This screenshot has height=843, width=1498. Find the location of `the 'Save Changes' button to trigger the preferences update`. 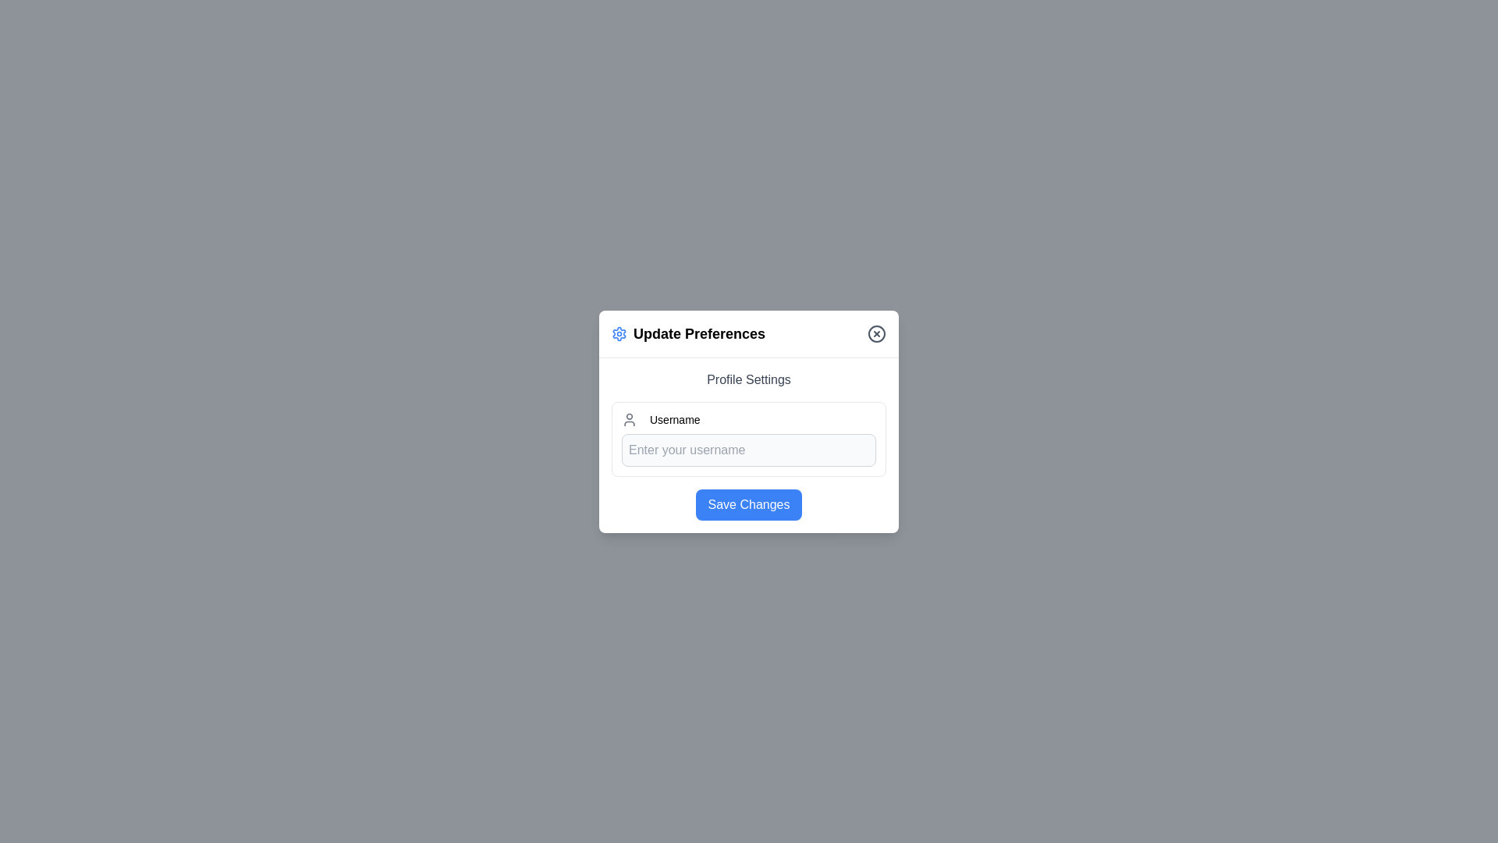

the 'Save Changes' button to trigger the preferences update is located at coordinates (749, 504).